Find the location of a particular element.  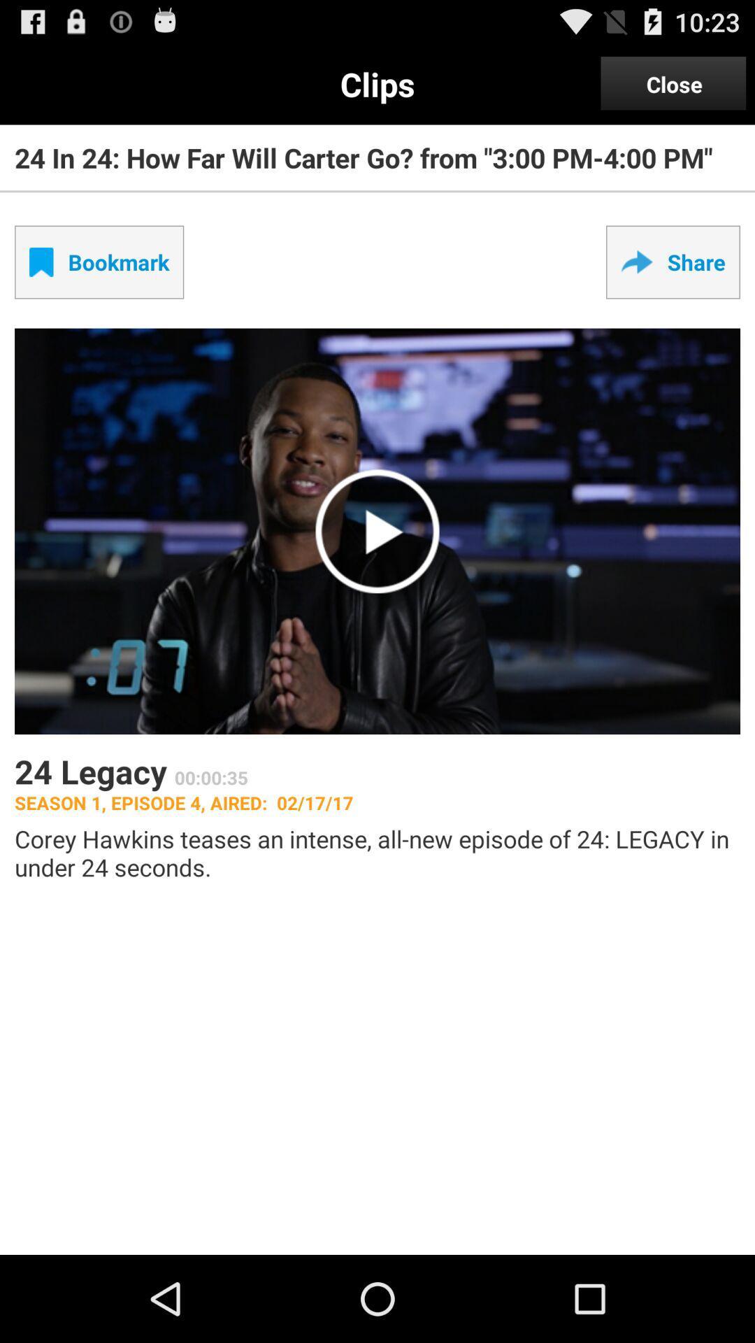

app to the right of clips app is located at coordinates (673, 83).